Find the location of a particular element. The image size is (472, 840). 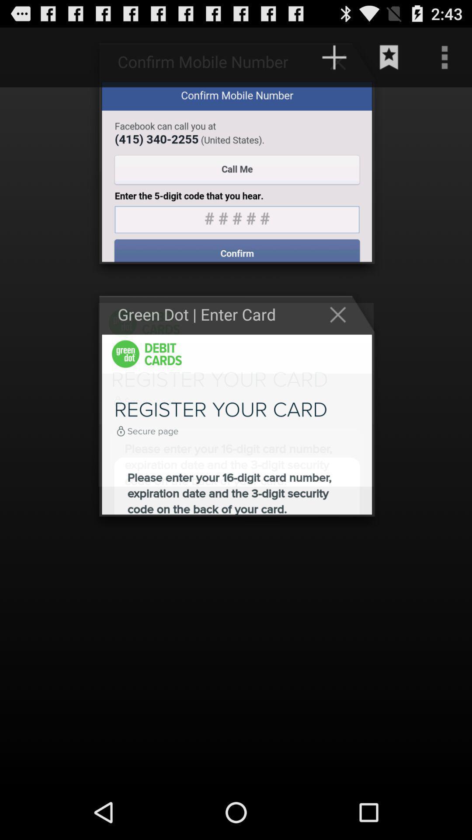

the close icon is located at coordinates (342, 336).